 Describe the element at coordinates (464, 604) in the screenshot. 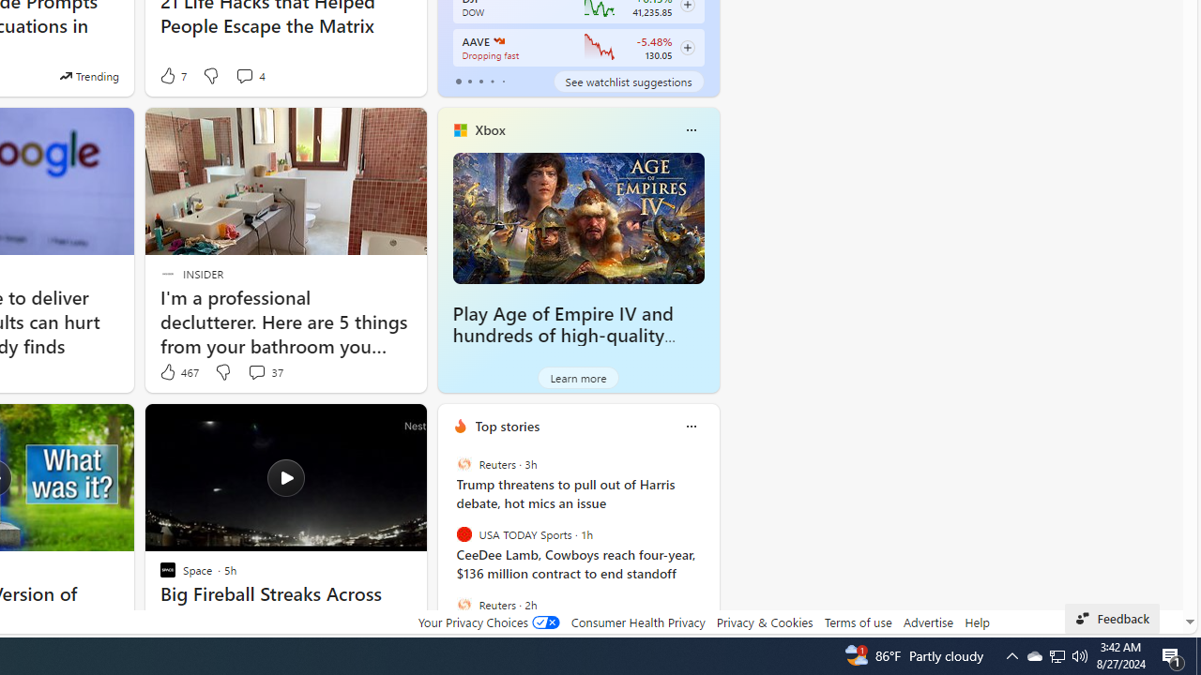

I see `'Reuters'` at that location.